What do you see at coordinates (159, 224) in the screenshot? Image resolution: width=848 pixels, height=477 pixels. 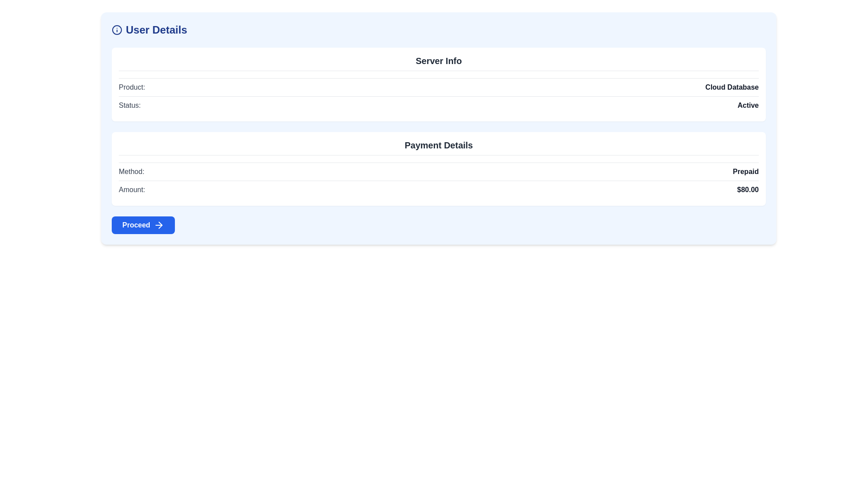 I see `the arrow icon located to the right of the text 'Proceed' on the blue button at the bottom left of the interface, which suggests forward navigation` at bounding box center [159, 224].